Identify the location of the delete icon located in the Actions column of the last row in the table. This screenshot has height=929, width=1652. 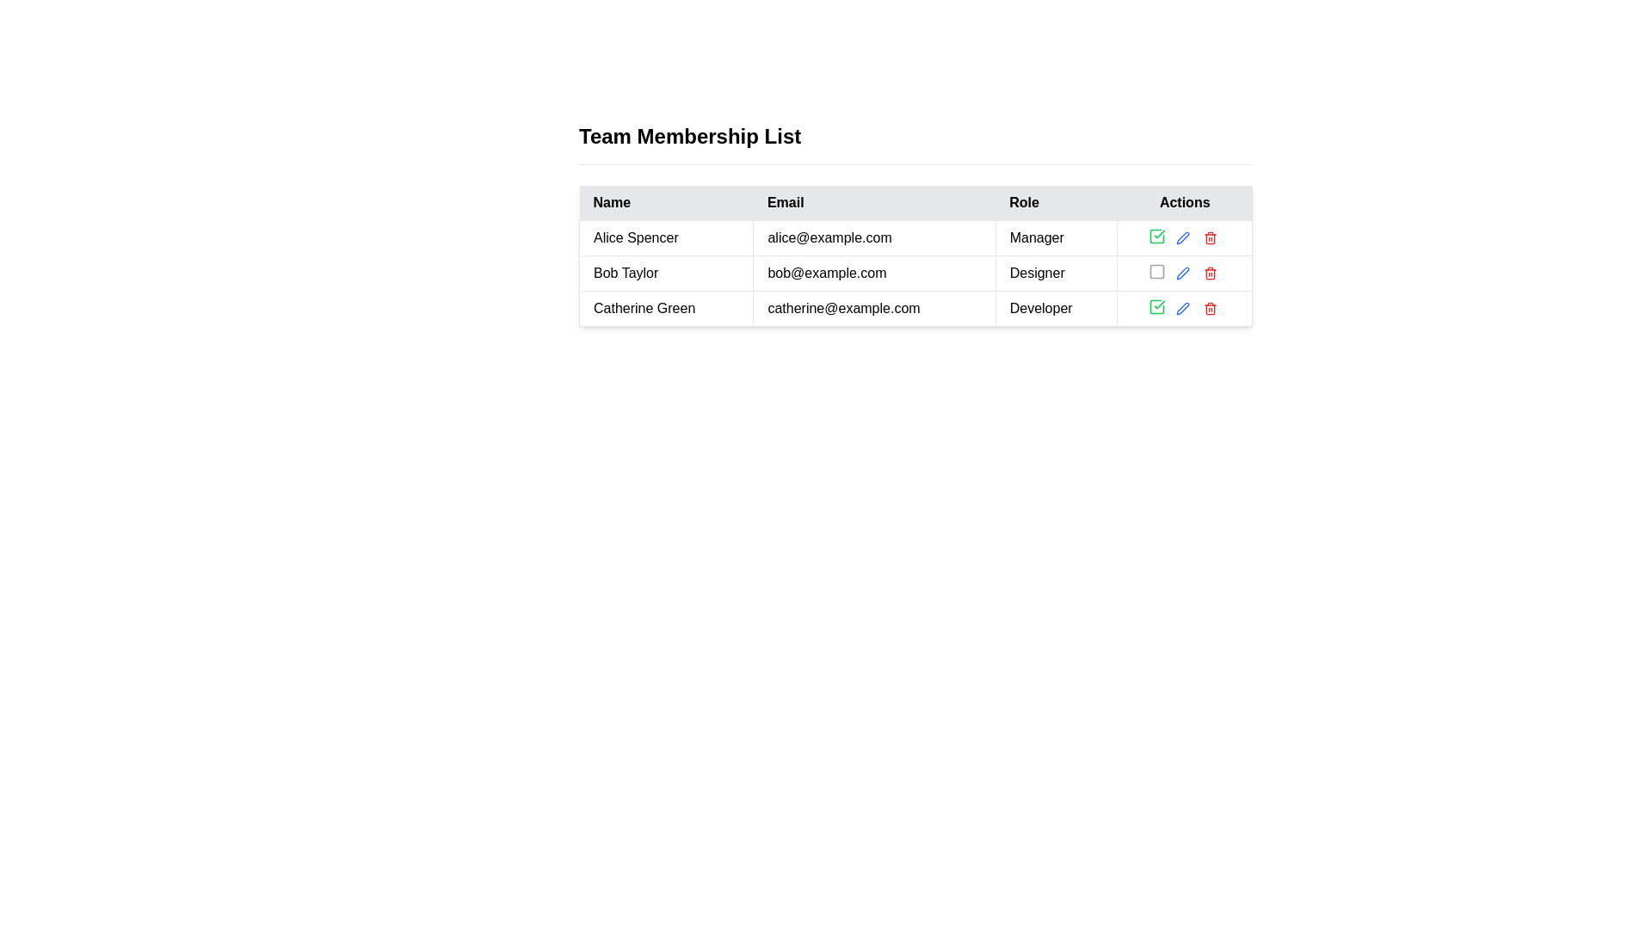
(1210, 307).